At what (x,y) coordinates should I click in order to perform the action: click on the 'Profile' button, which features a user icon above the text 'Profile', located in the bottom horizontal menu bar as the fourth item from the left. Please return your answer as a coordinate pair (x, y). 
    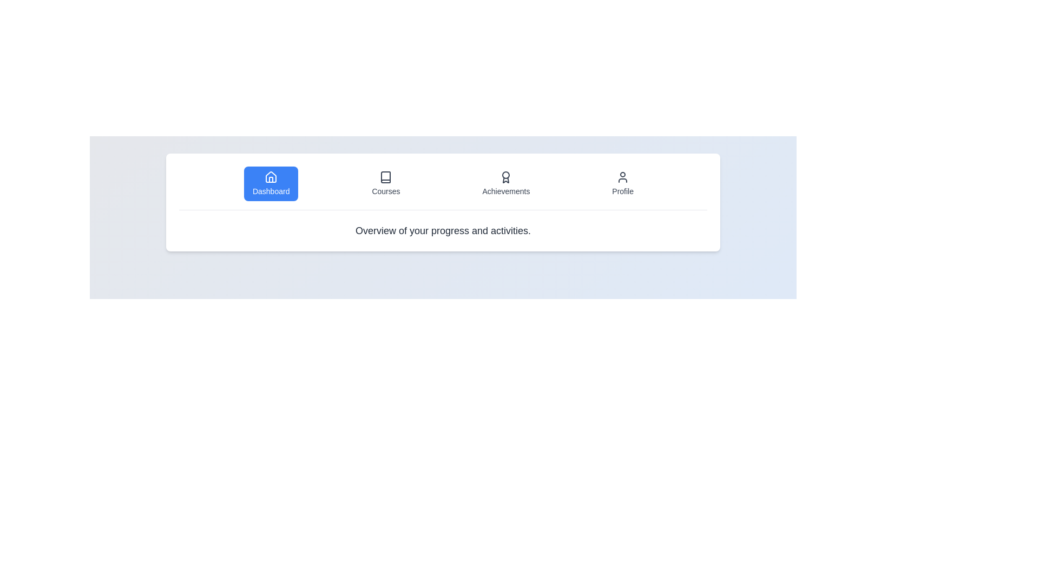
    Looking at the image, I should click on (623, 183).